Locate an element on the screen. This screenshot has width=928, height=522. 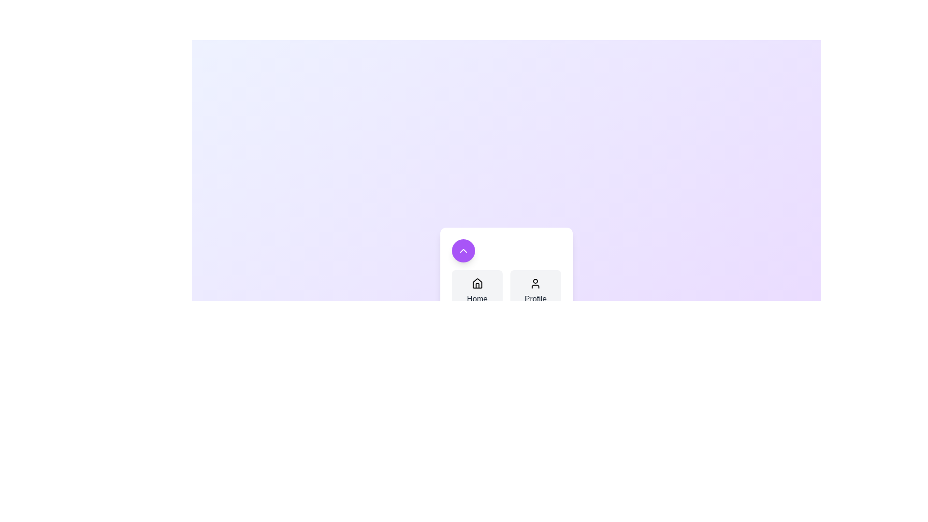
the action button labeled Profile in the expanded menu is located at coordinates (535, 290).